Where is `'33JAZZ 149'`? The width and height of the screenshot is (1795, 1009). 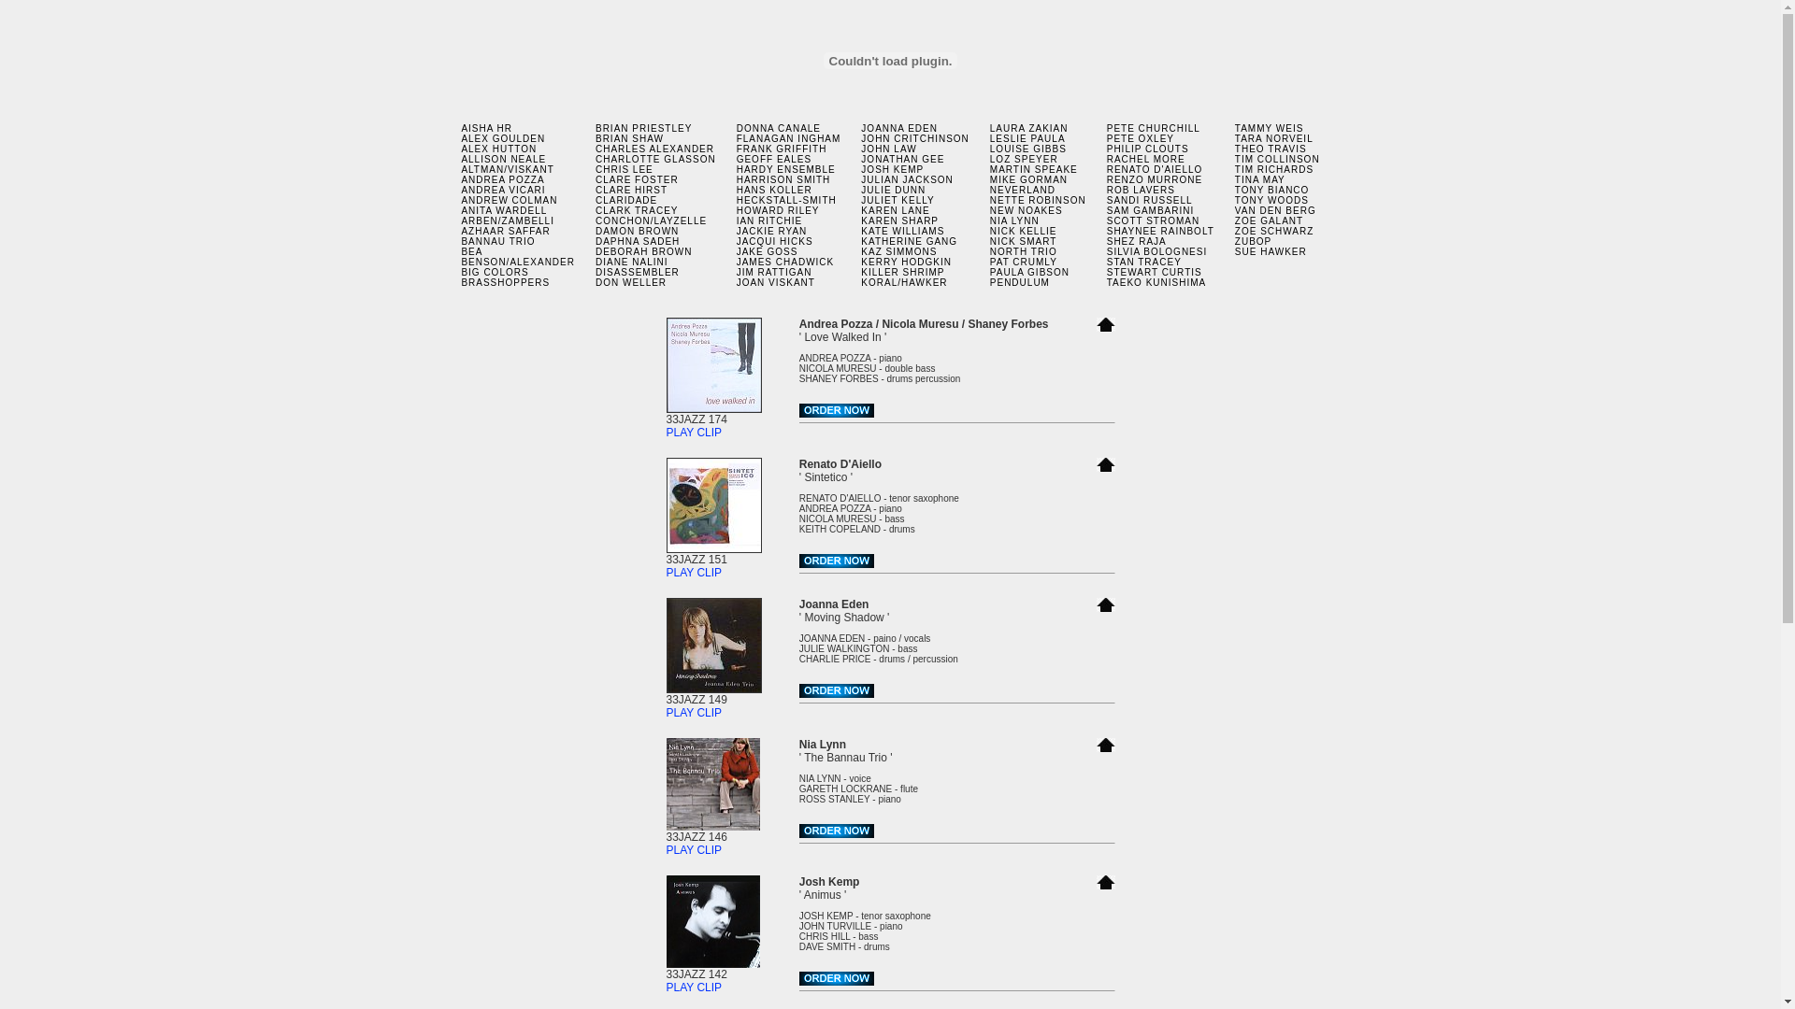
'33JAZZ 149' is located at coordinates (712, 694).